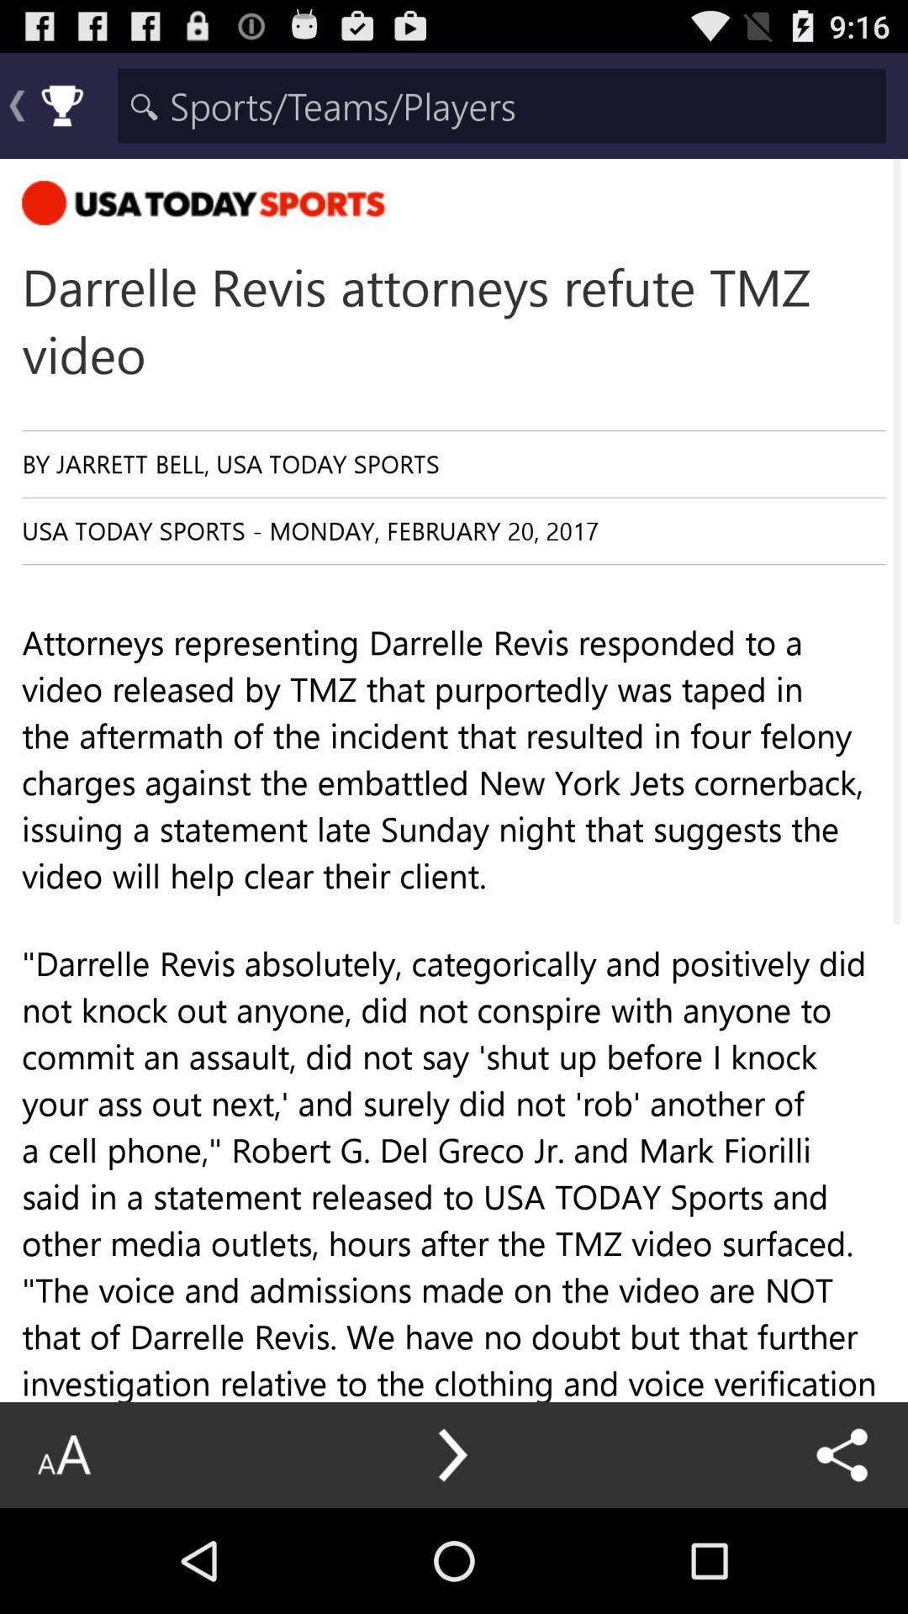  What do you see at coordinates (842, 1454) in the screenshot?
I see `item at the bottom right corner` at bounding box center [842, 1454].